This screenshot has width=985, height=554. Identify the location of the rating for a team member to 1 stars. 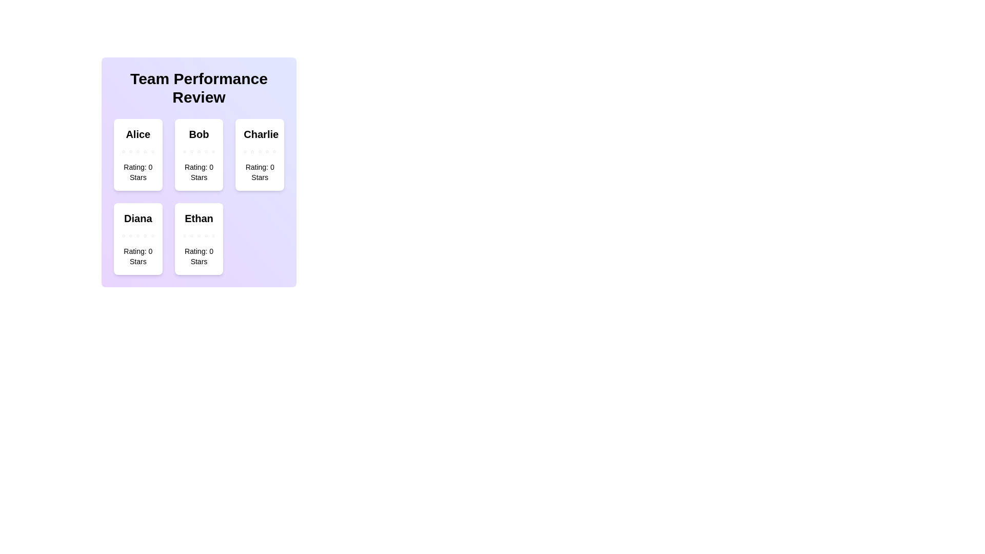
(123, 152).